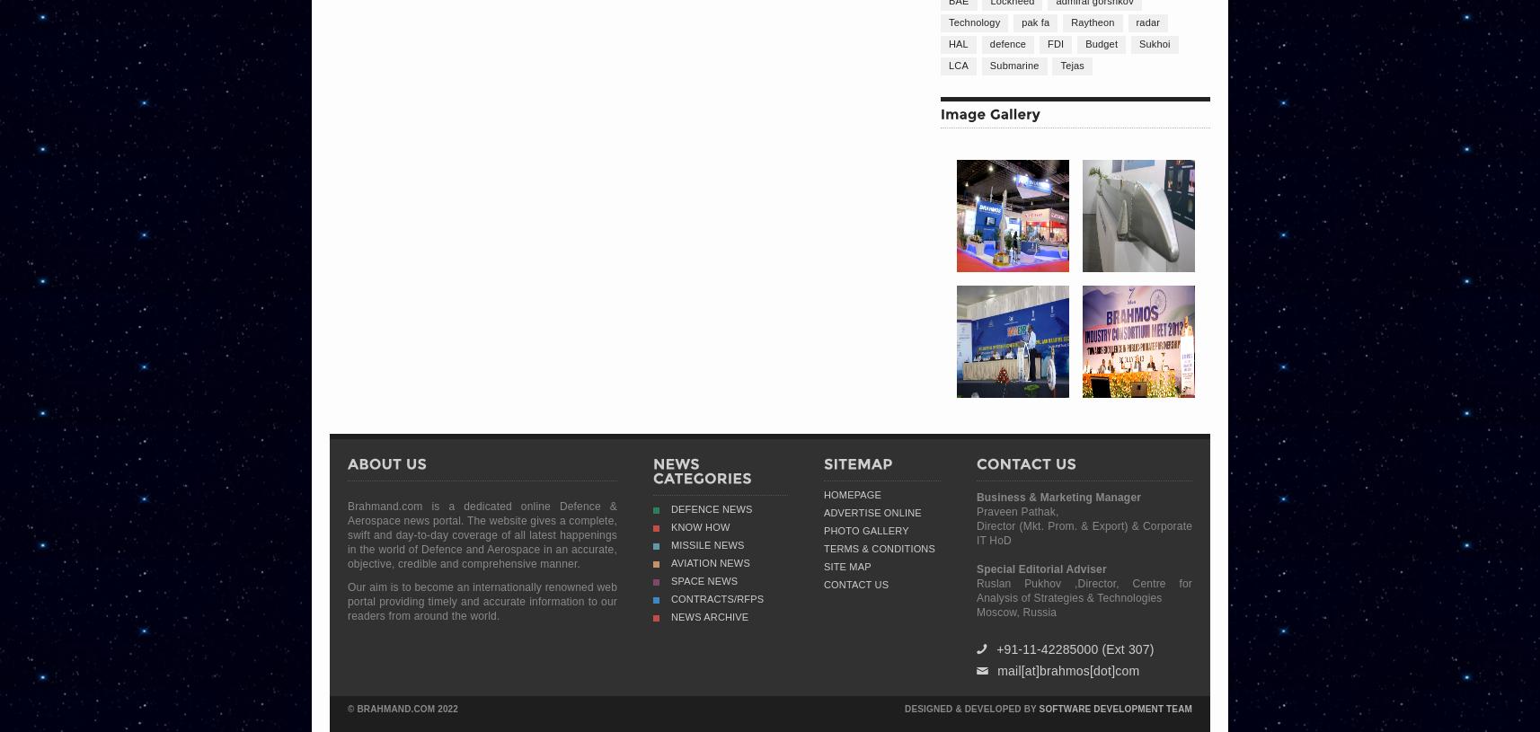 Image resolution: width=1540 pixels, height=732 pixels. What do you see at coordinates (878, 547) in the screenshot?
I see `'Terms & Conditions'` at bounding box center [878, 547].